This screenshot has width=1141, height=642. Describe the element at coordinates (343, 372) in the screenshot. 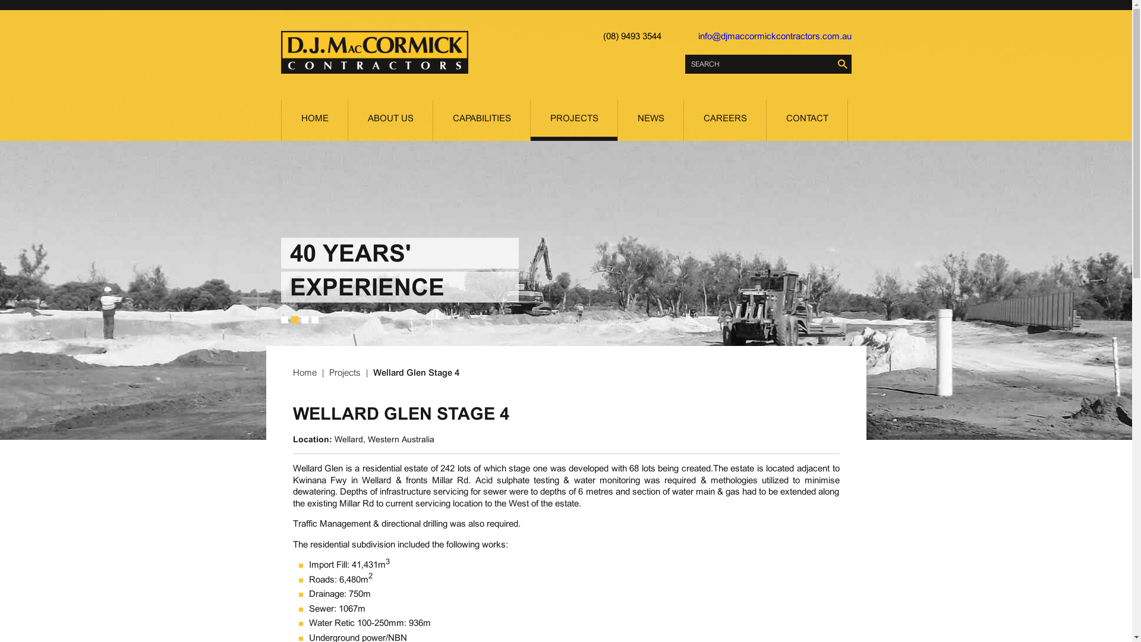

I see `'Projects'` at that location.